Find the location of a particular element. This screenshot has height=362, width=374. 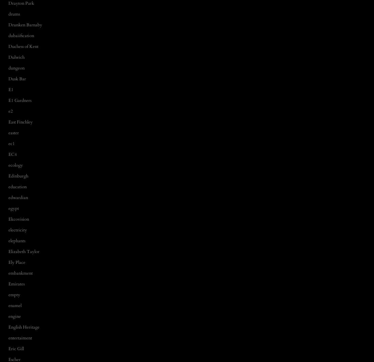

'Dusk Bar' is located at coordinates (17, 78).